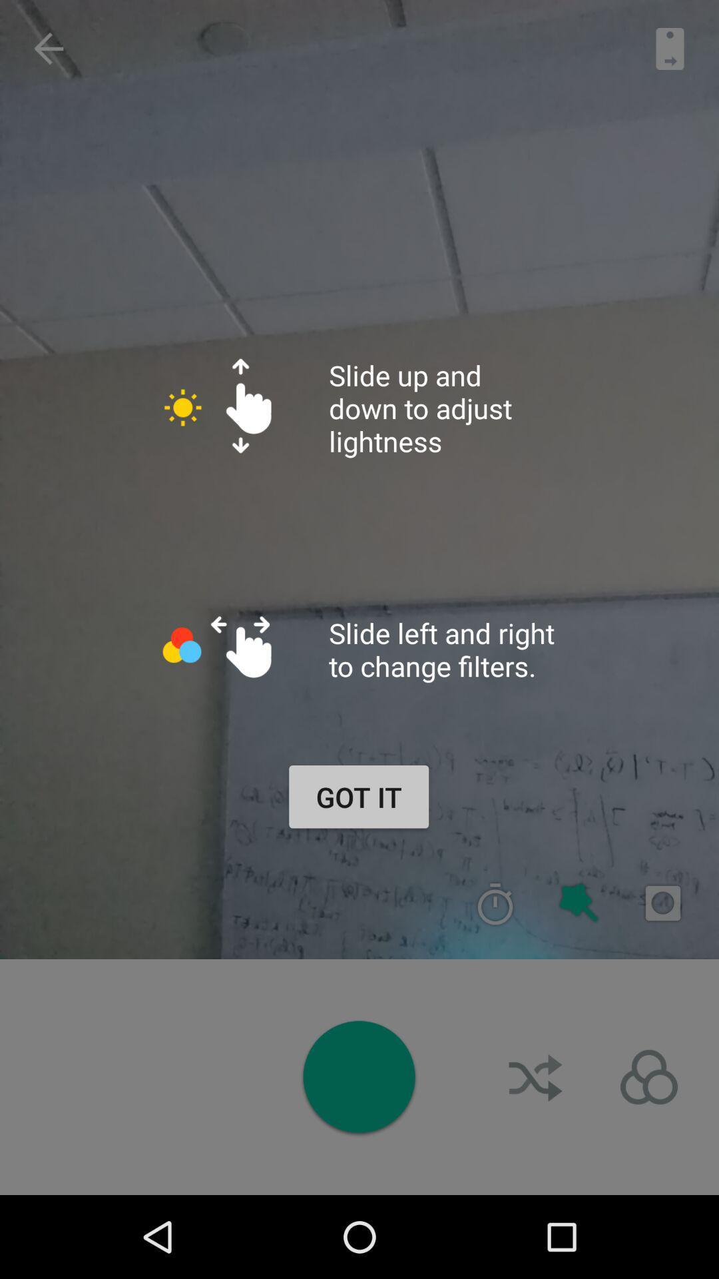 This screenshot has height=1279, width=719. I want to click on the book icon, so click(670, 49).